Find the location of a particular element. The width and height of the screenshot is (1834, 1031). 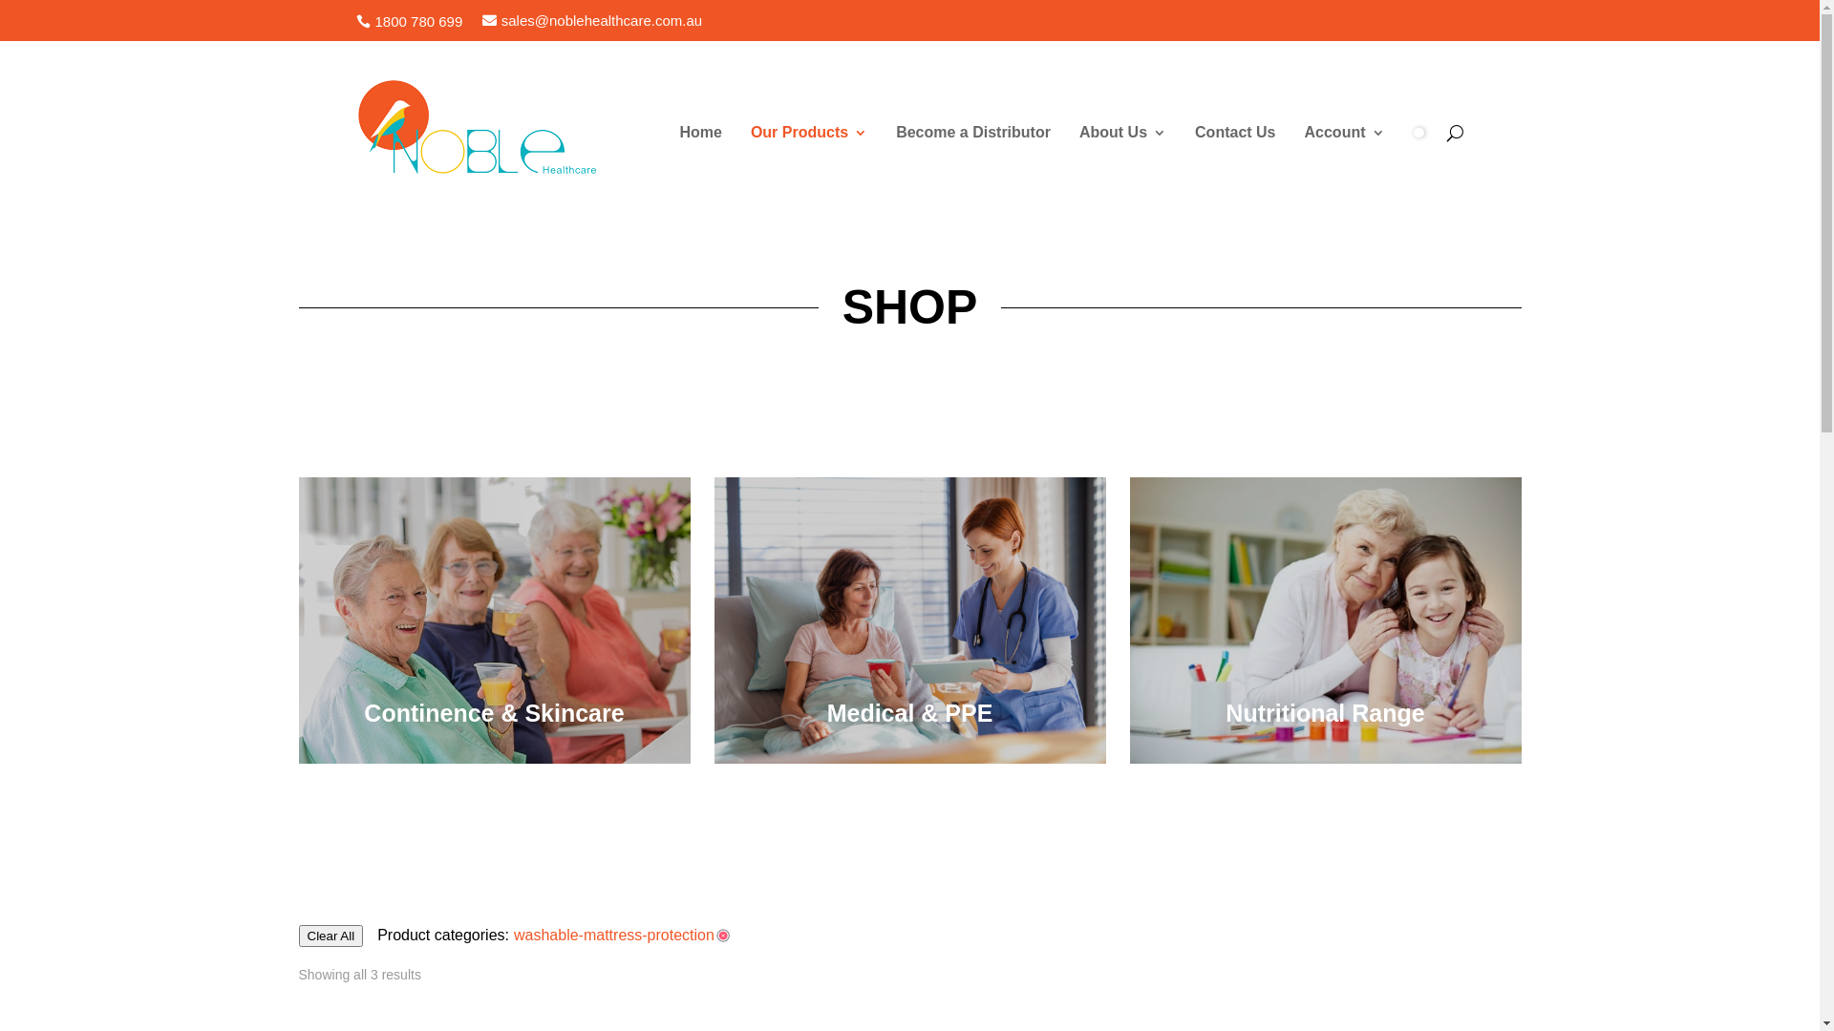

'Home' is located at coordinates (699, 131).